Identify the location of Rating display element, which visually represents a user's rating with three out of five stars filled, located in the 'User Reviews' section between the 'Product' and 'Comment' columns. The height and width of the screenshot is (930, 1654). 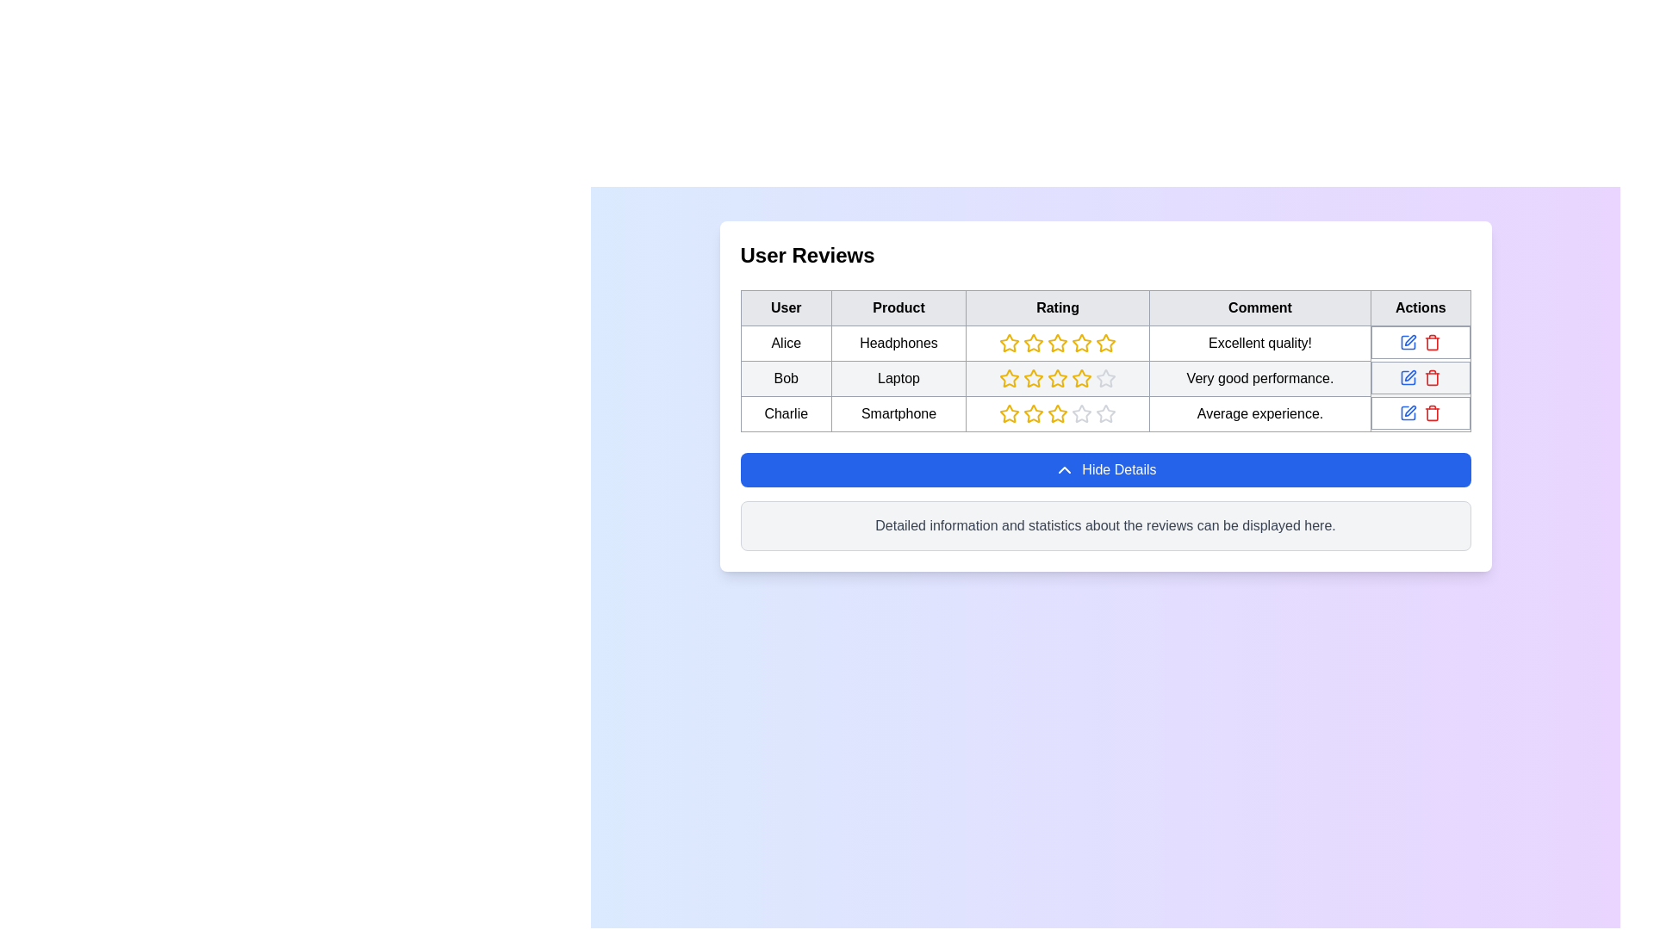
(1057, 414).